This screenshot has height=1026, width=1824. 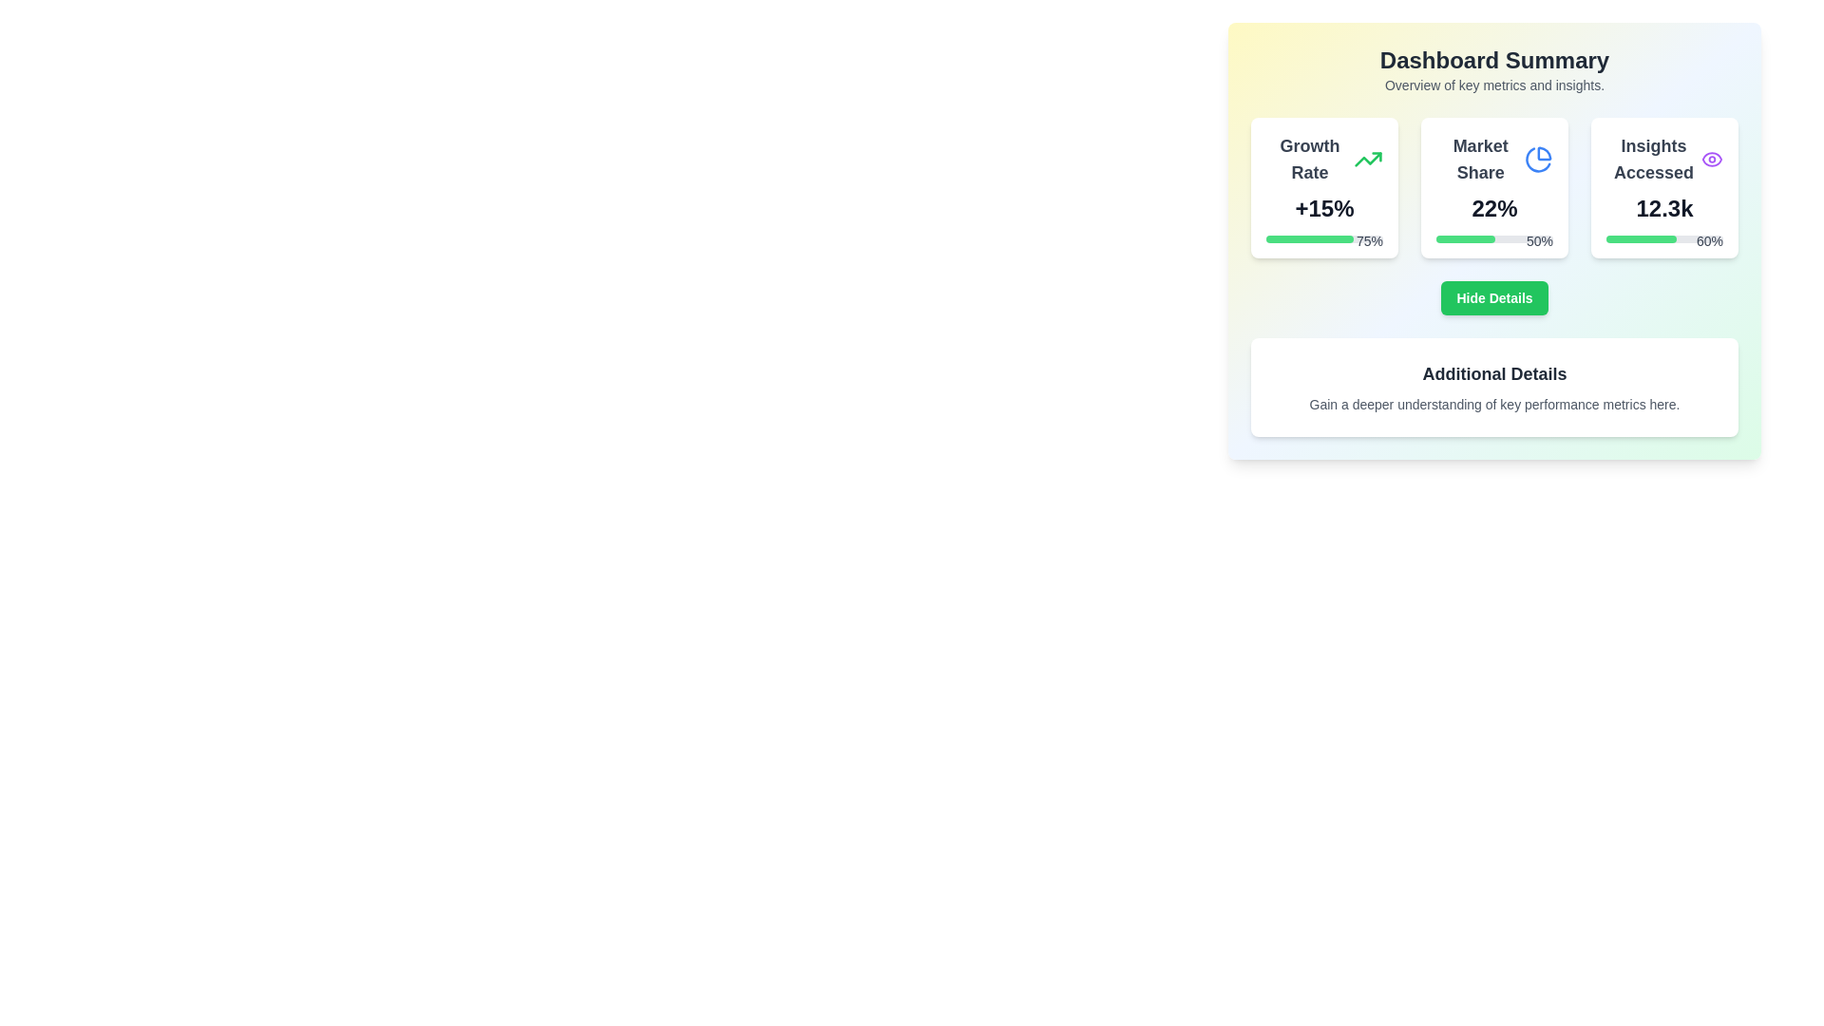 I want to click on the 75% progress bar element located in the lower part of the 'Growth Rate' card in the dashboard, so click(x=1323, y=237).